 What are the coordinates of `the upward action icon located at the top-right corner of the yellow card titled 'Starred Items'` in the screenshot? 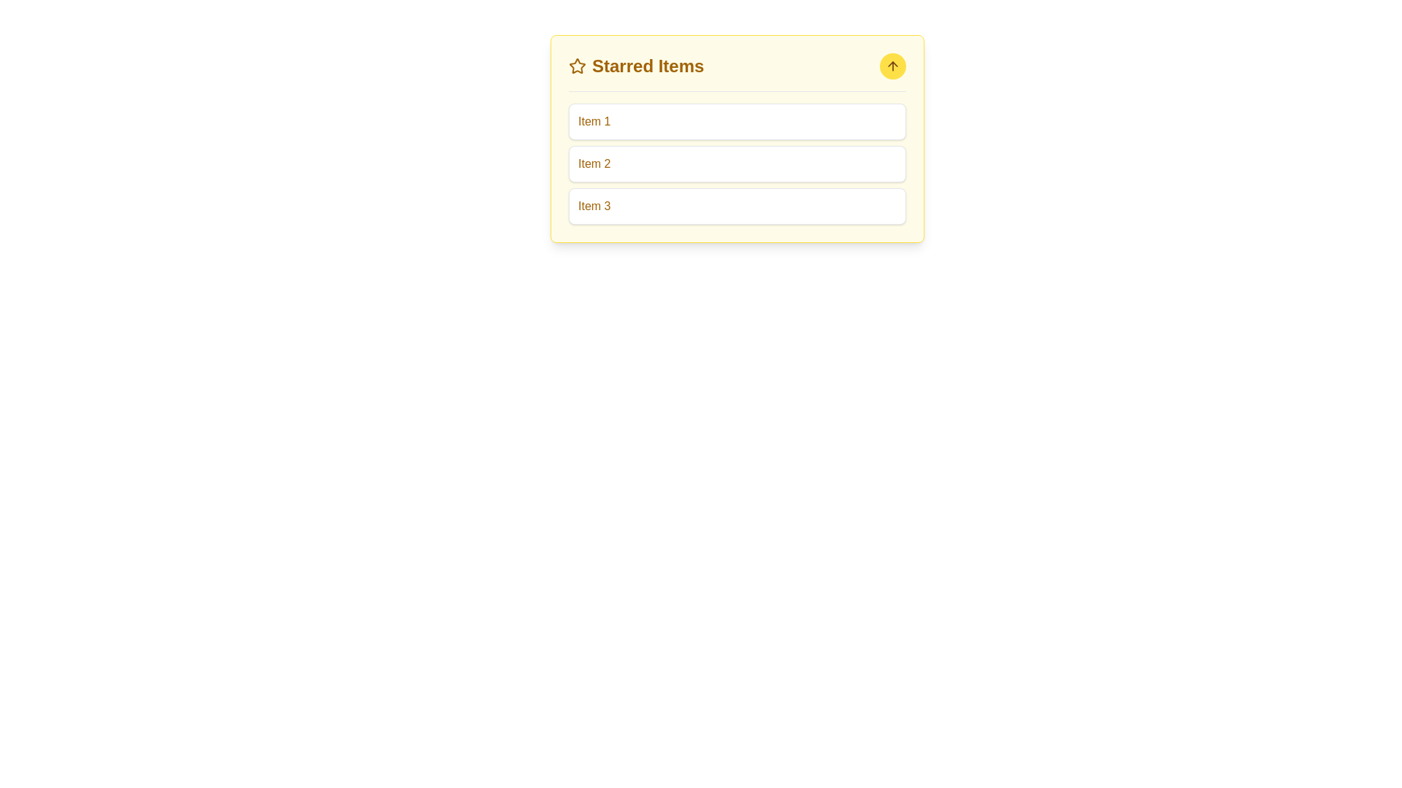 It's located at (892, 66).